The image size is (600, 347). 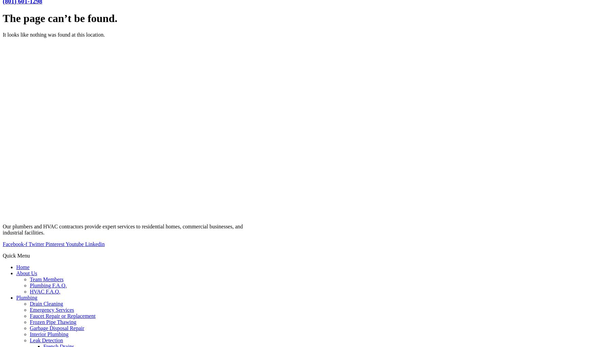 I want to click on 'Garbage Disposal Repair', so click(x=57, y=328).